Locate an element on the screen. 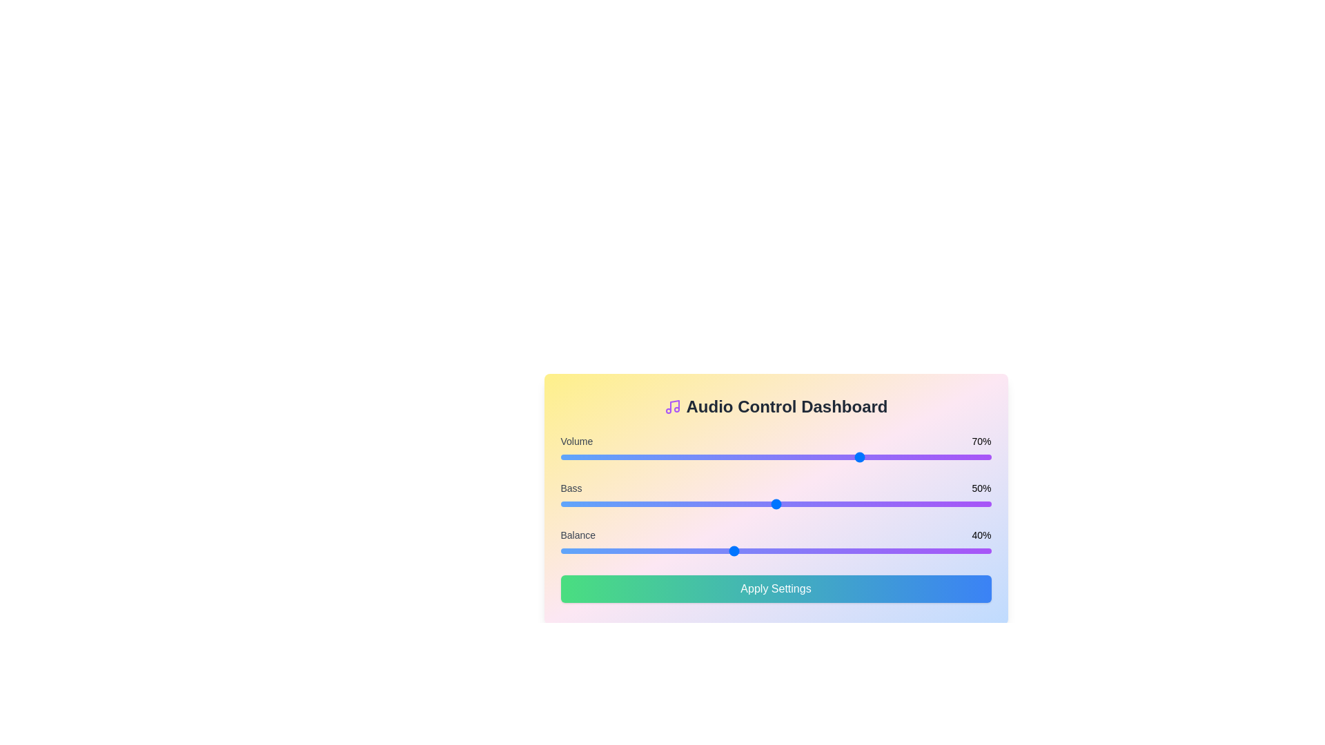 This screenshot has width=1325, height=745. the volume slider is located at coordinates (780, 457).